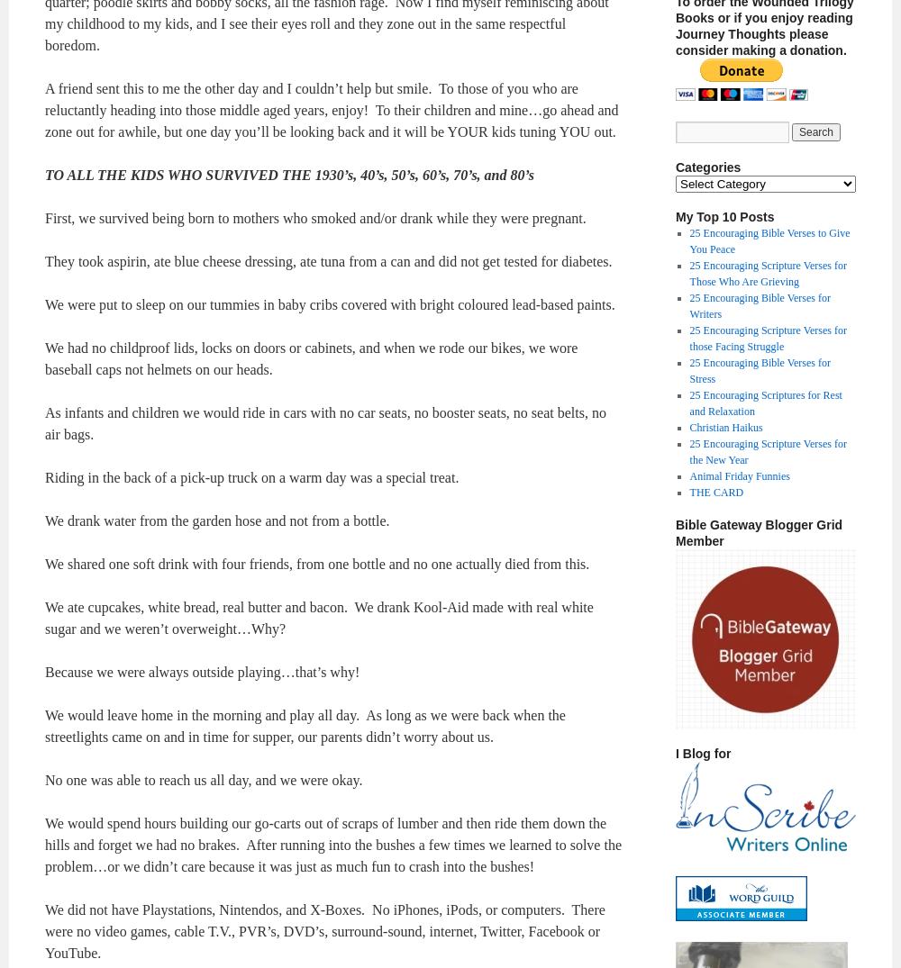 This screenshot has height=968, width=901. Describe the element at coordinates (310, 357) in the screenshot. I see `'We had no childproof lids, locks on doors or cabinets, and when we rode our bikes, we wore baseball caps not helmets on our heads.'` at that location.